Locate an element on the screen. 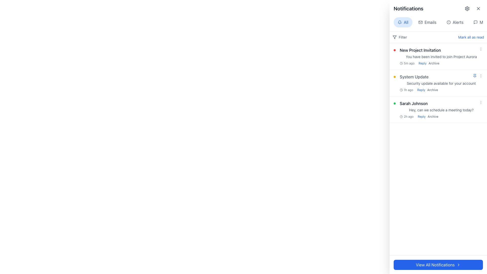 The image size is (487, 274). the 'Archive' button in the interactive options group of the notification entry for 'Sarah Johnson' to archive the associated notification is located at coordinates (428, 116).